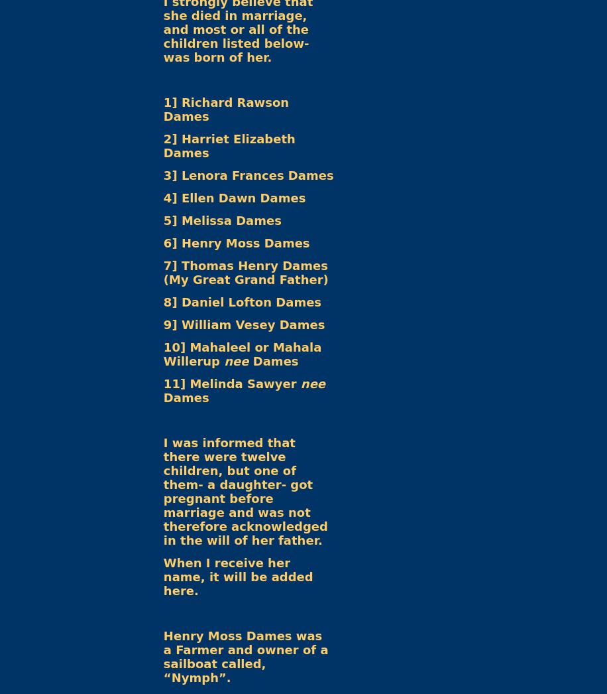  I want to click on '4] Ellen Dawn Dames', so click(234, 198).